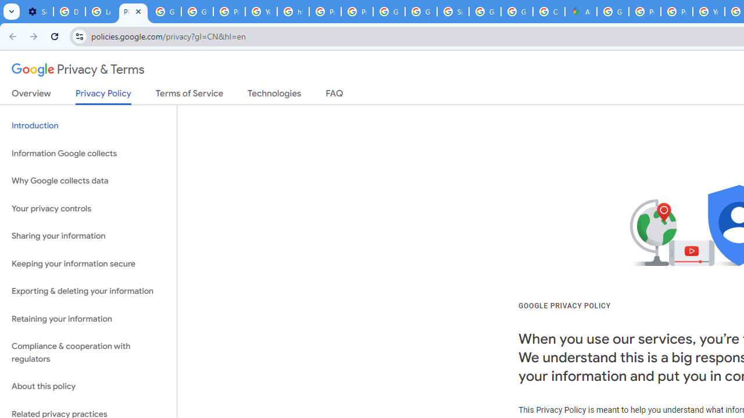 The image size is (744, 418). I want to click on 'Create your Google Account', so click(548, 12).